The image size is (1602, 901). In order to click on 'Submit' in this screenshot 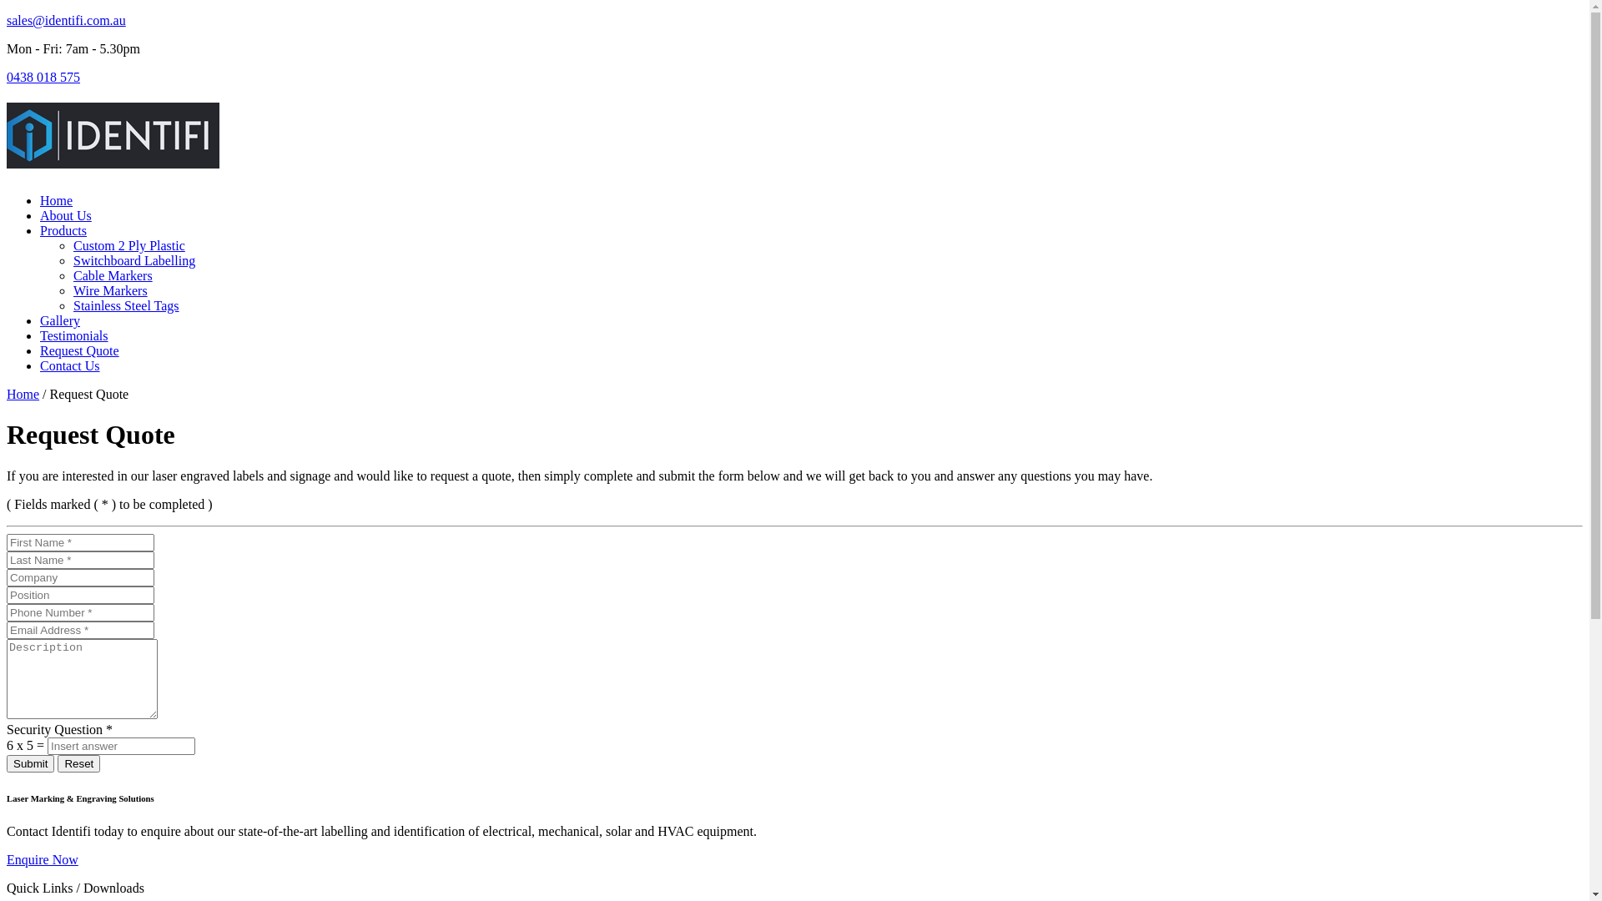, I will do `click(7, 763)`.